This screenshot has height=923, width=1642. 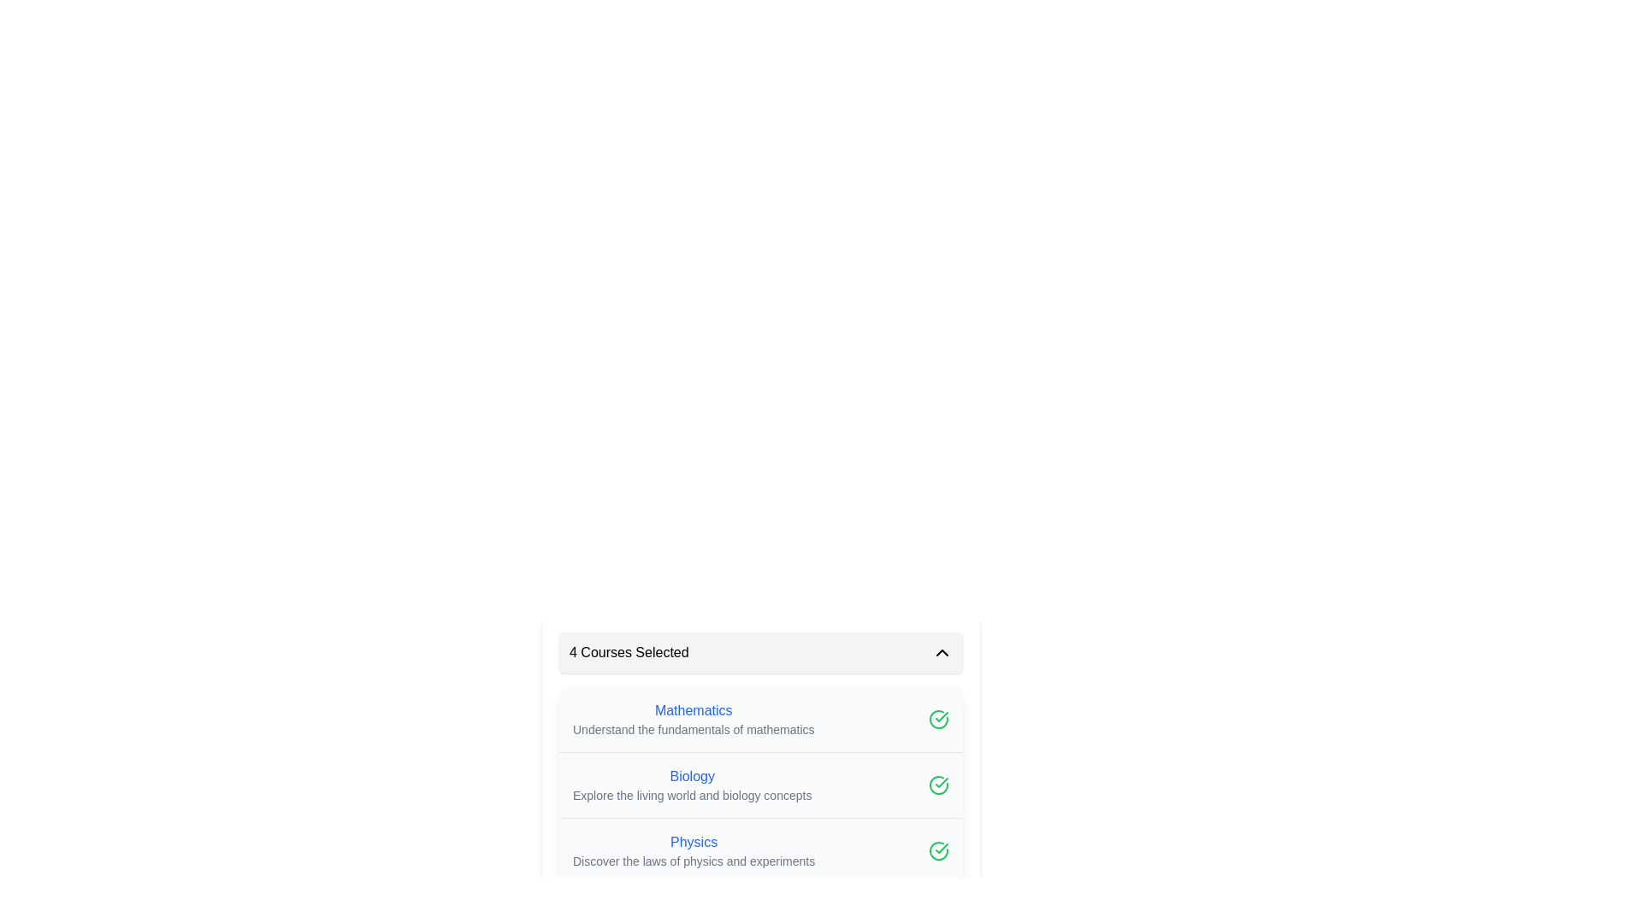 What do you see at coordinates (938, 719) in the screenshot?
I see `the visual indication of the circular checkmark icon representing the completion of the Mathematics item, located on the far right of the associated row` at bounding box center [938, 719].